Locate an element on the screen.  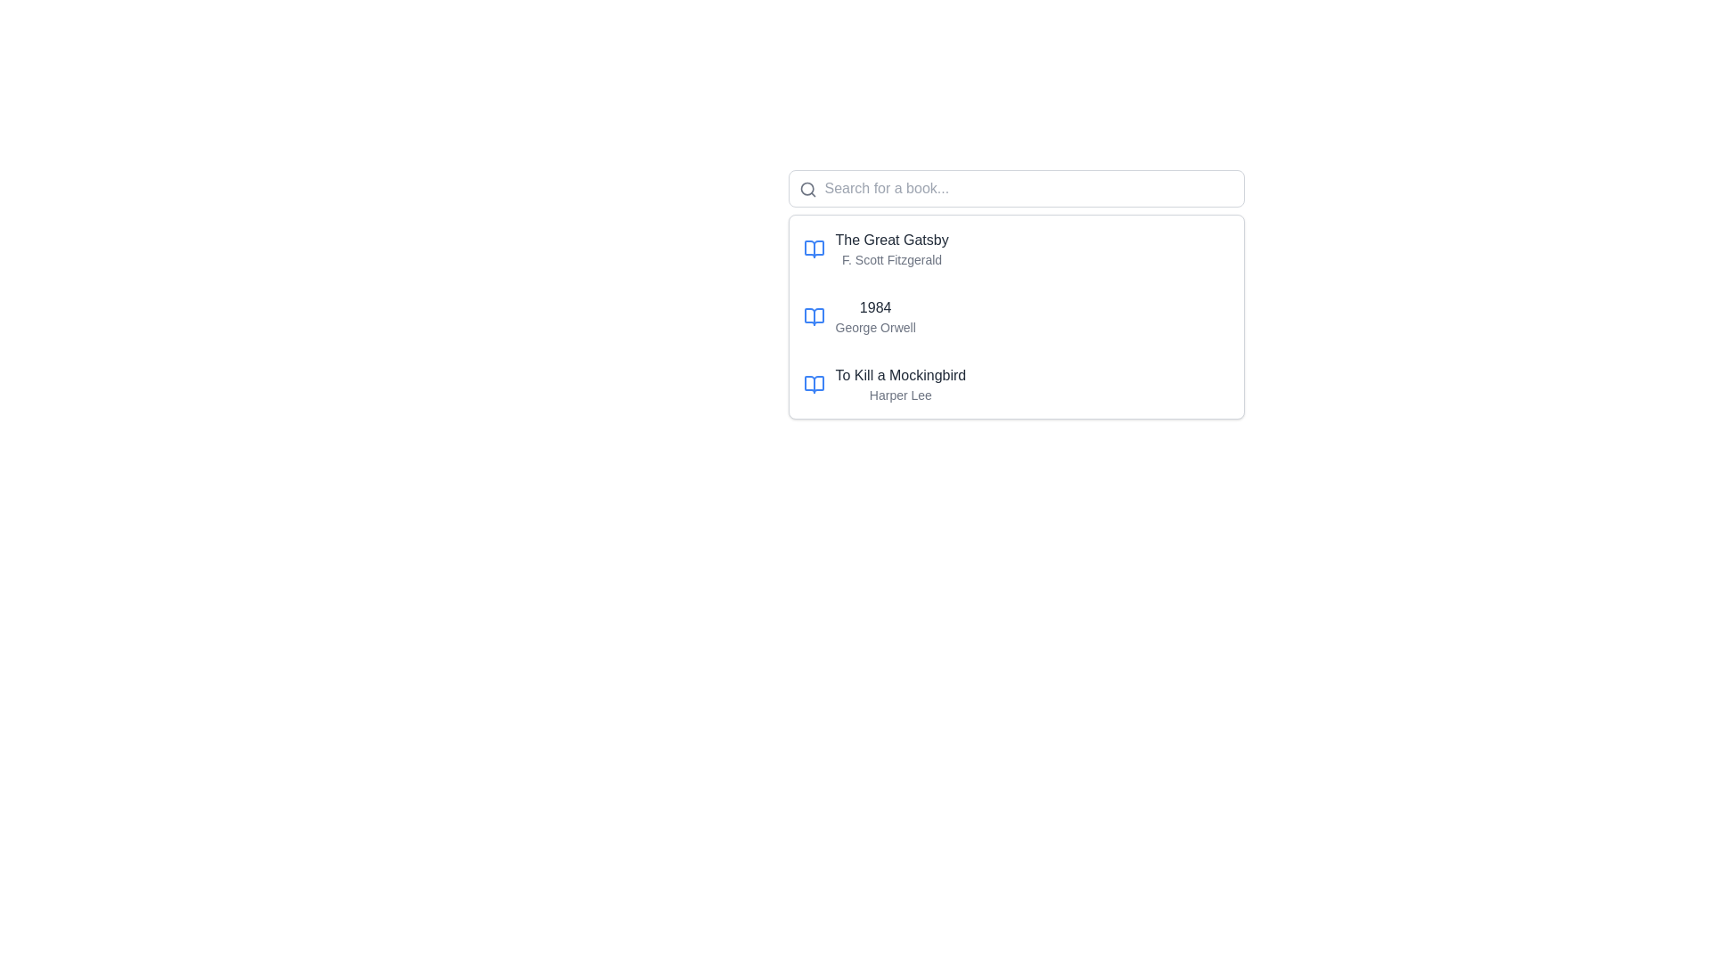
the text label displaying the author's name for 'The Great Gatsby', located directly beneath the book title is located at coordinates (892, 260).